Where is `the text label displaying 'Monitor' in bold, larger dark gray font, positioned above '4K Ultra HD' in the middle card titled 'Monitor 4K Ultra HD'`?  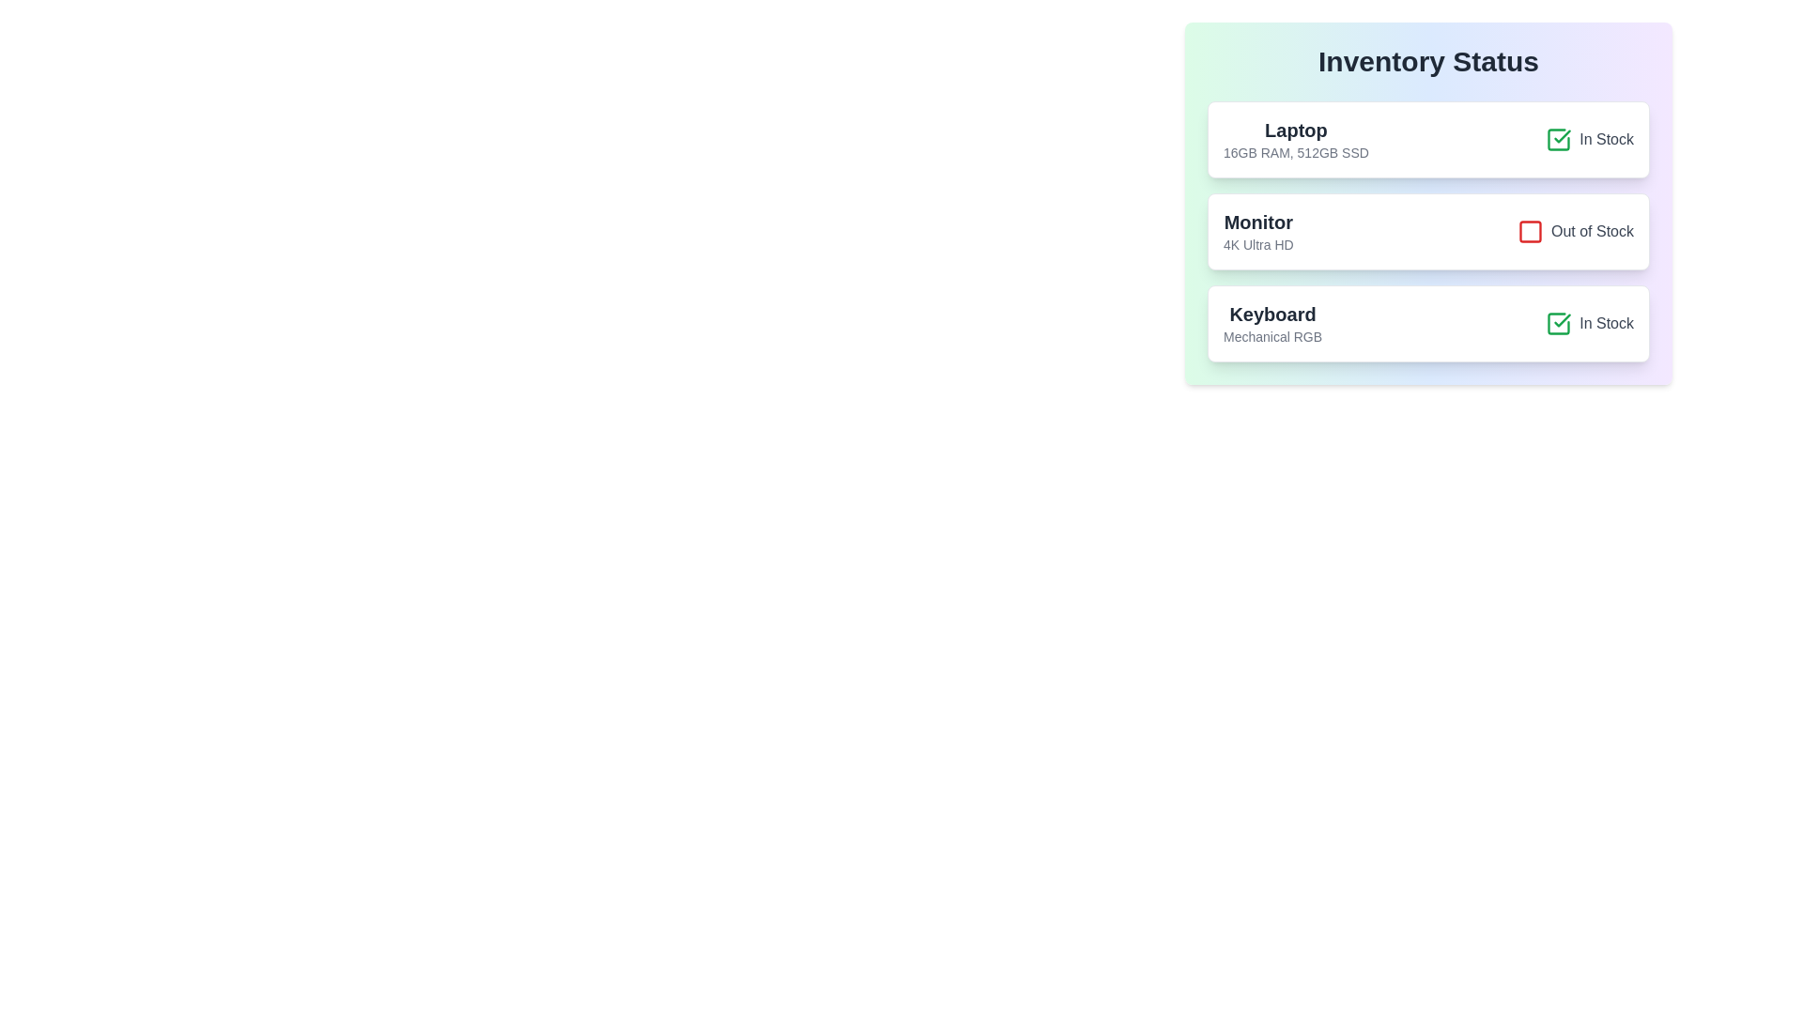
the text label displaying 'Monitor' in bold, larger dark gray font, positioned above '4K Ultra HD' in the middle card titled 'Monitor 4K Ultra HD' is located at coordinates (1258, 221).